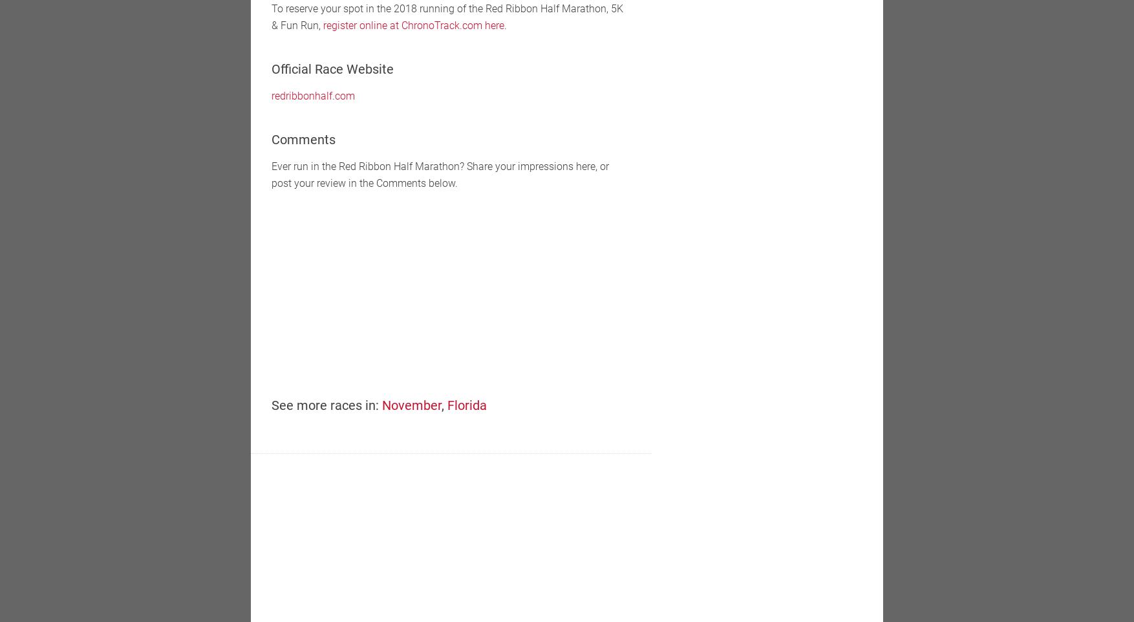 This screenshot has width=1134, height=622. What do you see at coordinates (467, 405) in the screenshot?
I see `'Florida'` at bounding box center [467, 405].